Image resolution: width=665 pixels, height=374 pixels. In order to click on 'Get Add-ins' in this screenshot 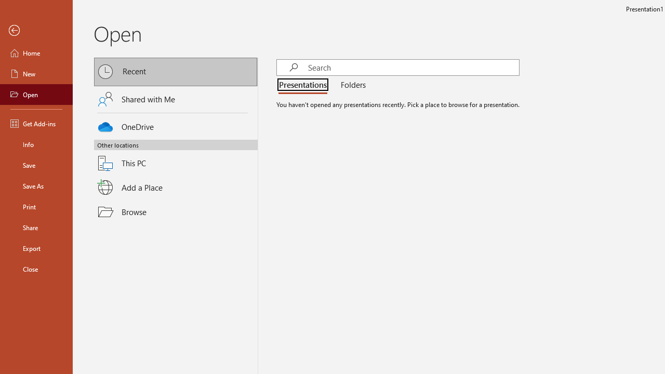, I will do `click(36, 123)`.